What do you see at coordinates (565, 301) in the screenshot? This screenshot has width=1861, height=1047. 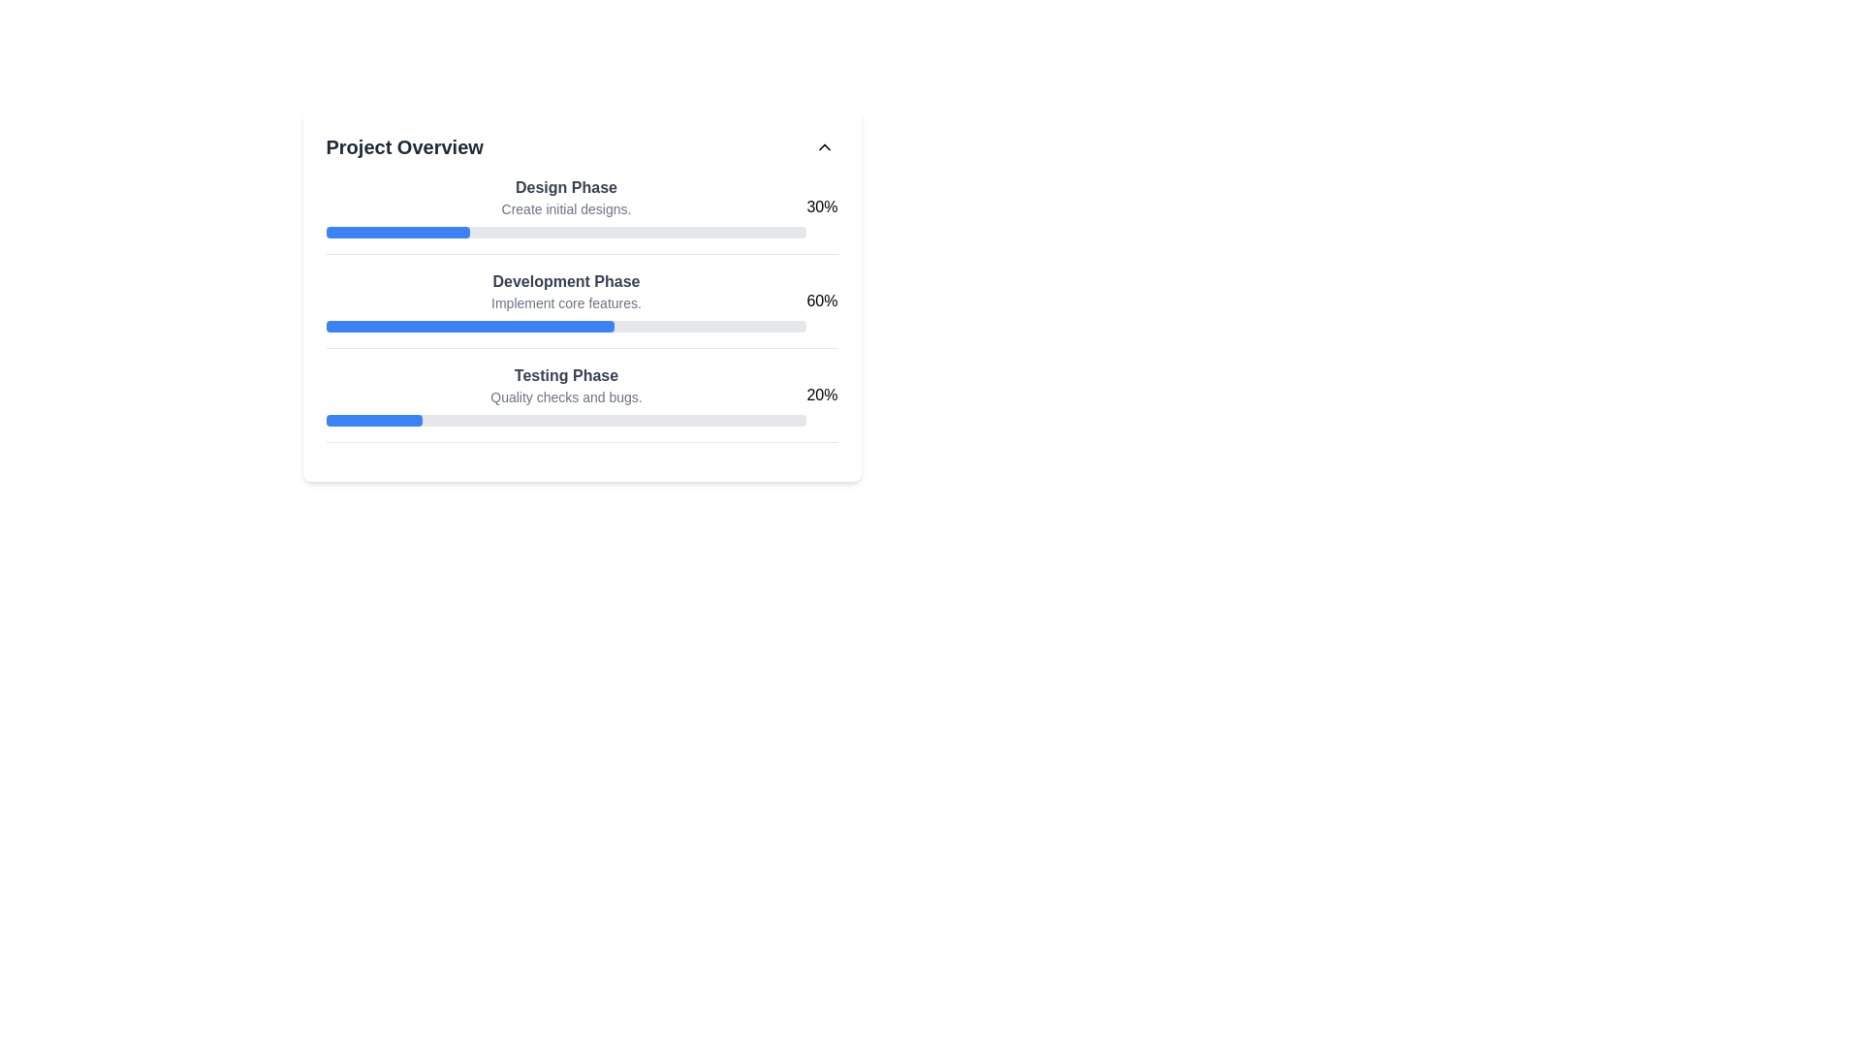 I see `the 'Development Phase' text label in the progress bar section` at bounding box center [565, 301].